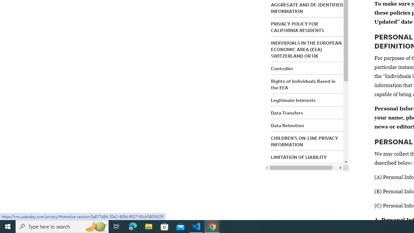  Describe the element at coordinates (282, 69) in the screenshot. I see `'Controller'` at that location.